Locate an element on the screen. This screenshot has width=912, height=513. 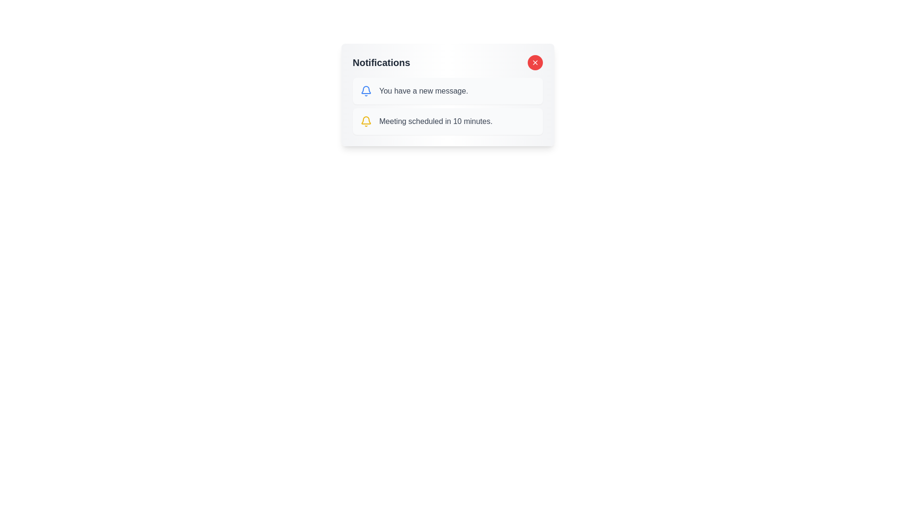
the second notification card with a light gray background that states 'Meeting scheduled in 10 minutes.' is located at coordinates (447, 121).